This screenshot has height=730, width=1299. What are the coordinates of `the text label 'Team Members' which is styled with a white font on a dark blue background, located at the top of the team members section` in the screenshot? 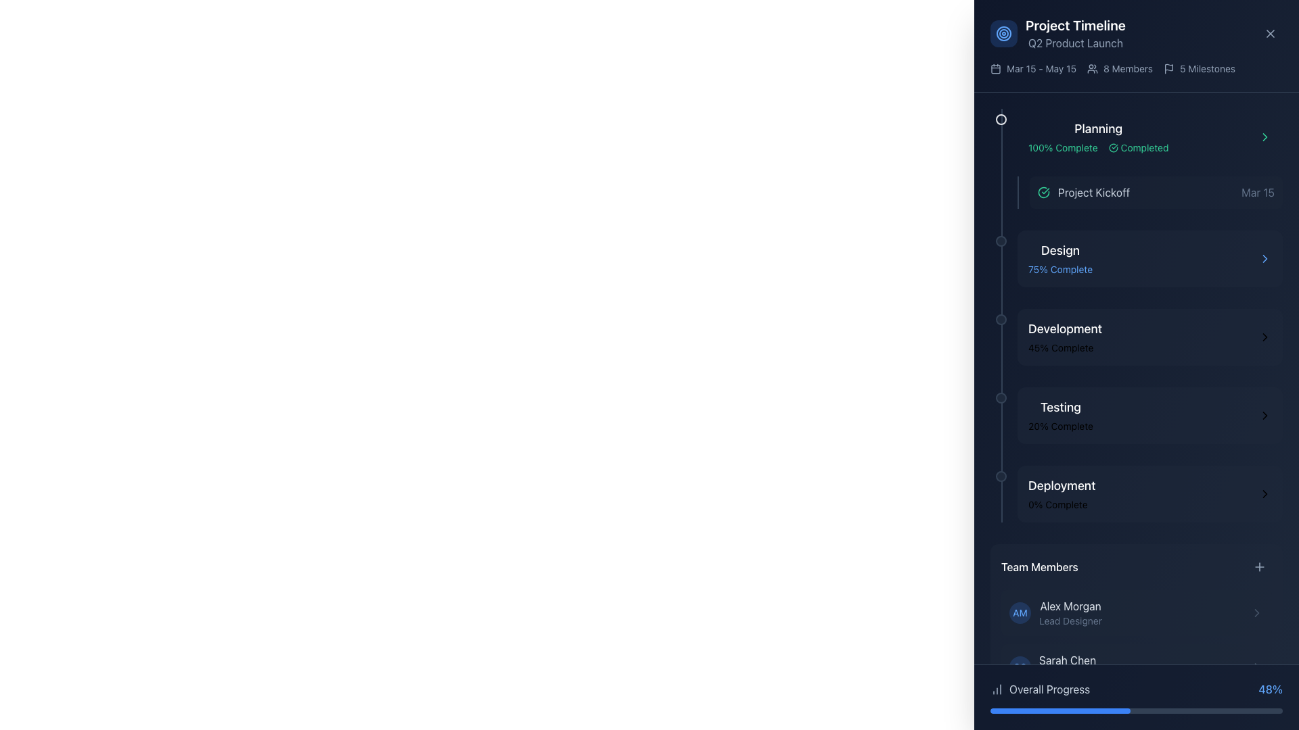 It's located at (1039, 567).